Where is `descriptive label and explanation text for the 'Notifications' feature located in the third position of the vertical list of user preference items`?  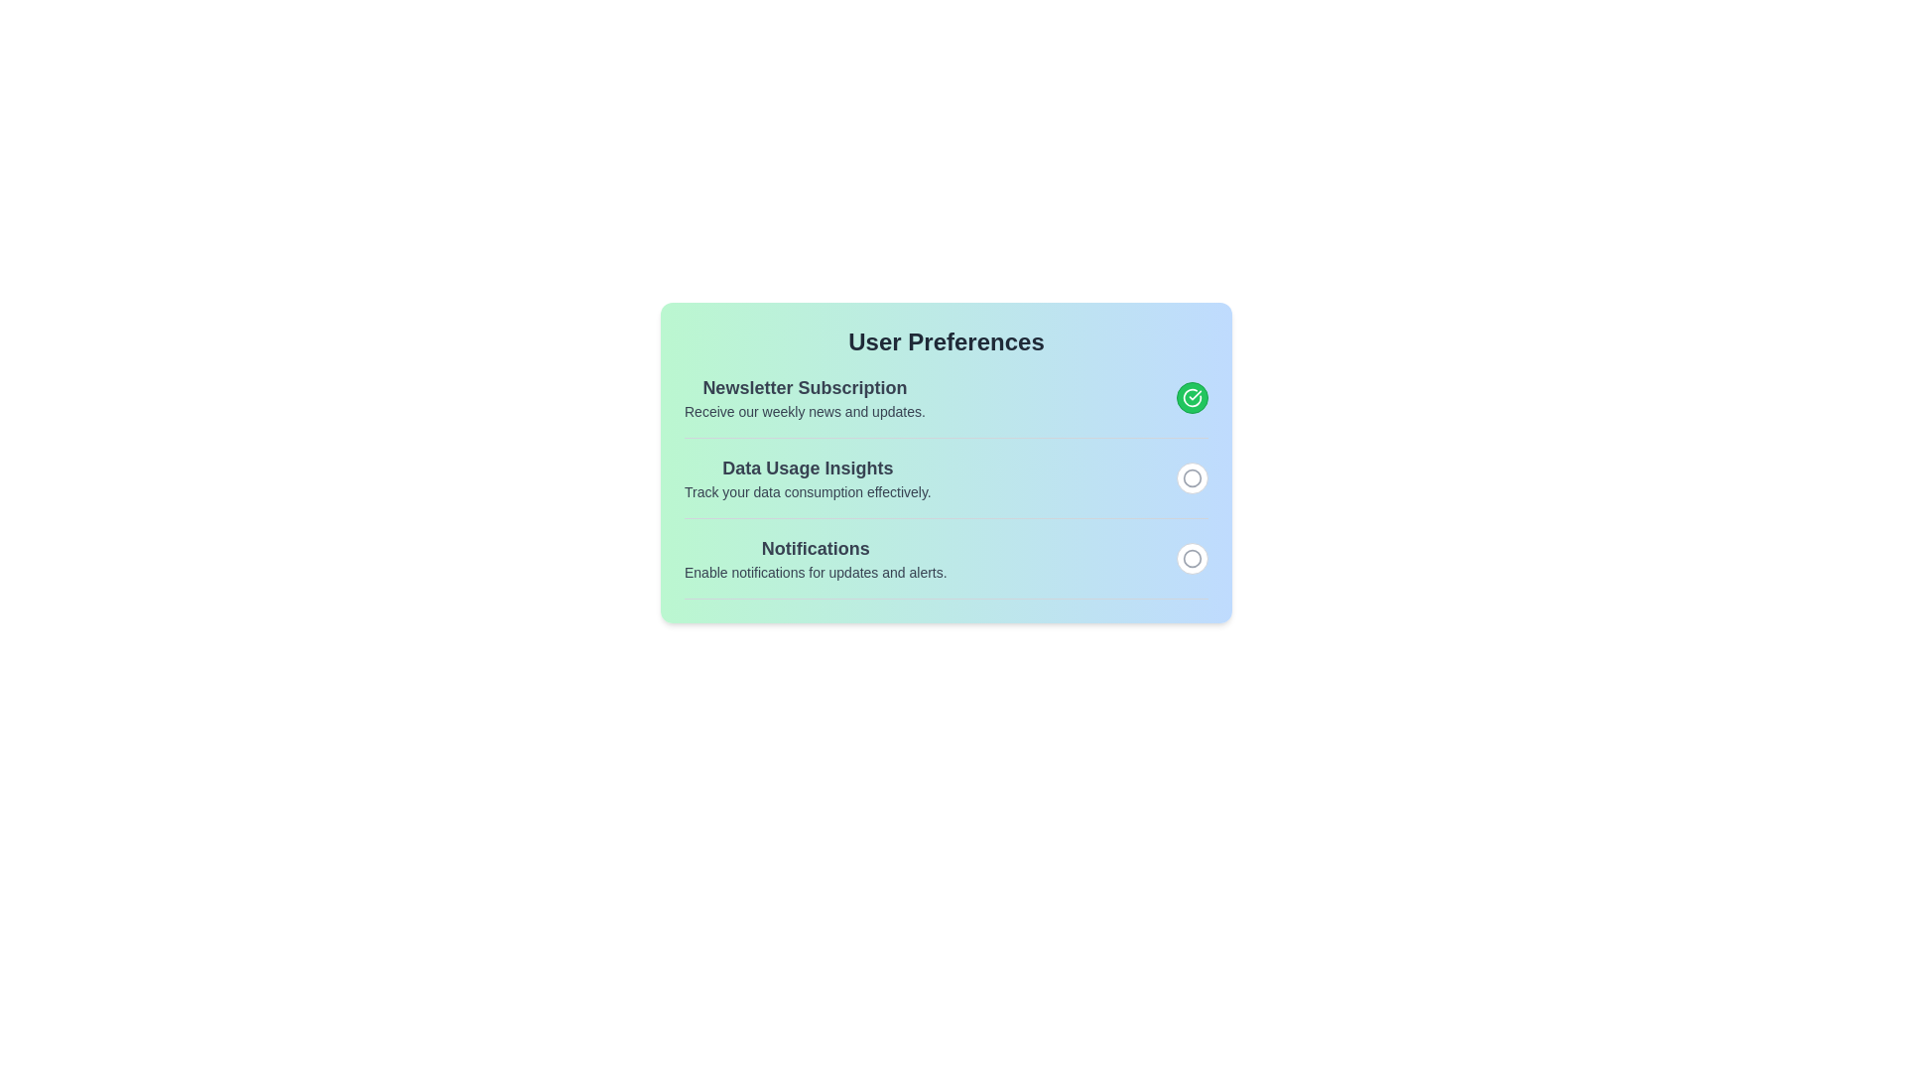 descriptive label and explanation text for the 'Notifications' feature located in the third position of the vertical list of user preference items is located at coordinates (816, 559).